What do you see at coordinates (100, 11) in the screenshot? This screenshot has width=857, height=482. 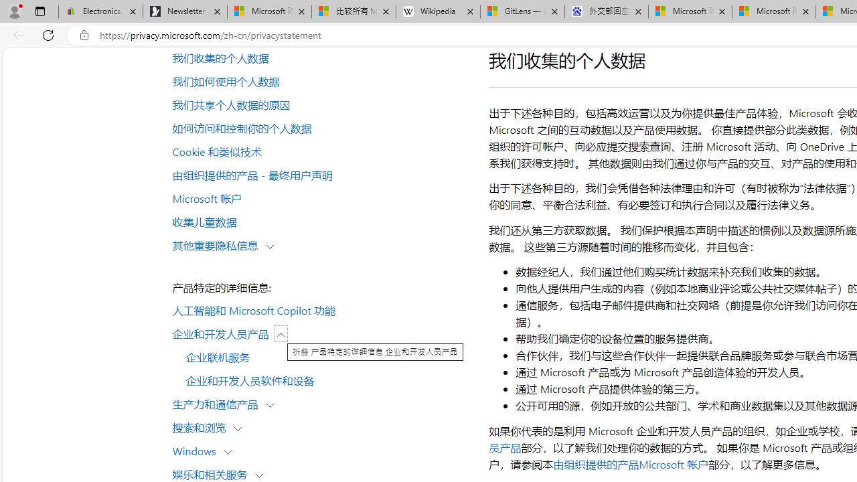 I see `'Electronics, Cars, Fashion, Collectibles & More | eBay'` at bounding box center [100, 11].